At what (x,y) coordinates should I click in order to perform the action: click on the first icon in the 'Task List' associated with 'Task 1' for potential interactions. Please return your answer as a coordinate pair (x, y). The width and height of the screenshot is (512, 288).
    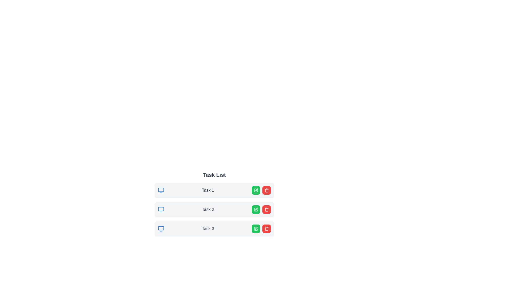
    Looking at the image, I should click on (161, 190).